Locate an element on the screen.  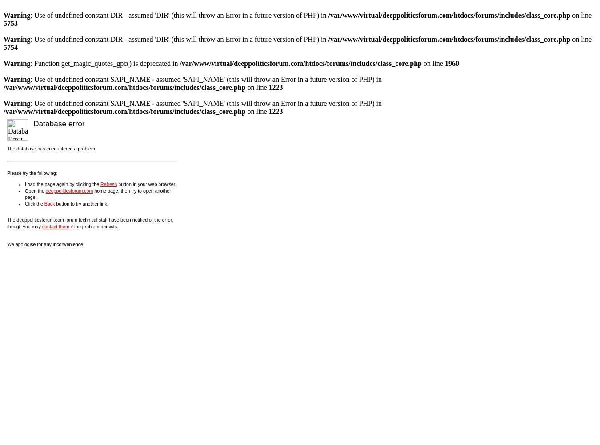
'5753' is located at coordinates (10, 23).